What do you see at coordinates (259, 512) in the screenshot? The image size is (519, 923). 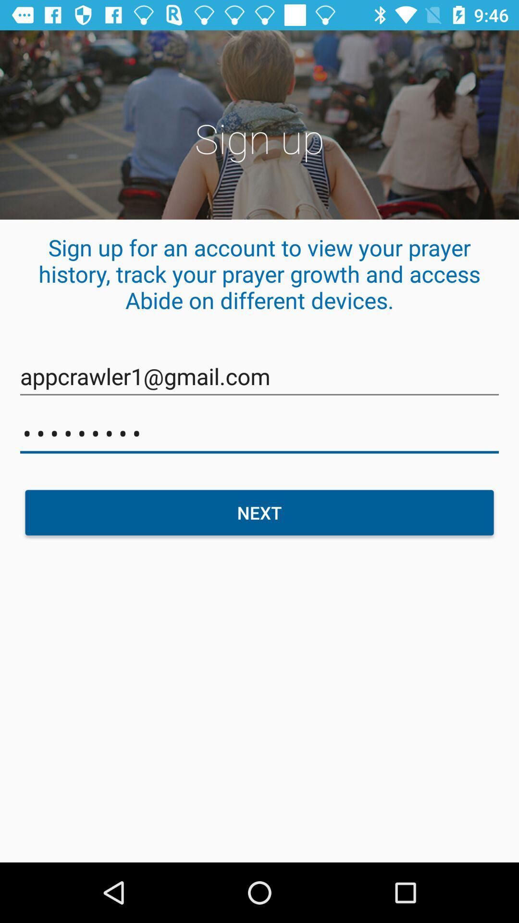 I see `the item below the crowd3116 item` at bounding box center [259, 512].